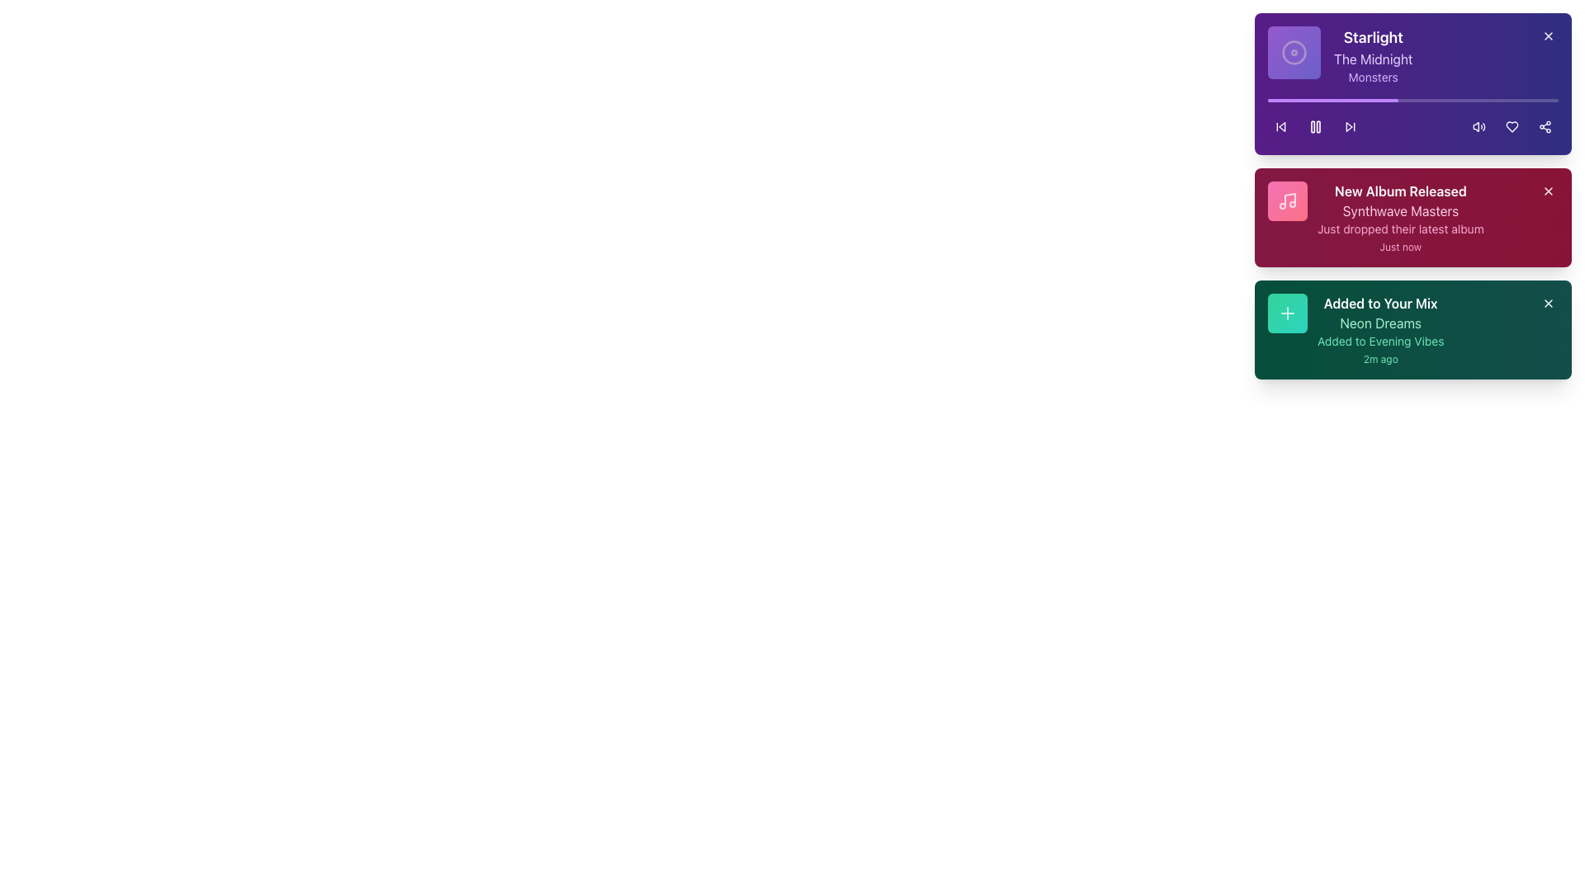 The height and width of the screenshot is (891, 1585). Describe the element at coordinates (1399, 229) in the screenshot. I see `the text label indicating a recent update about an album release` at that location.